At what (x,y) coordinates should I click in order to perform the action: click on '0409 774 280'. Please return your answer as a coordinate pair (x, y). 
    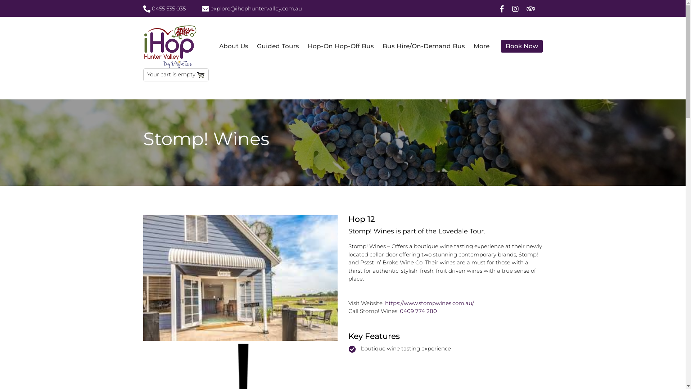
    Looking at the image, I should click on (418, 310).